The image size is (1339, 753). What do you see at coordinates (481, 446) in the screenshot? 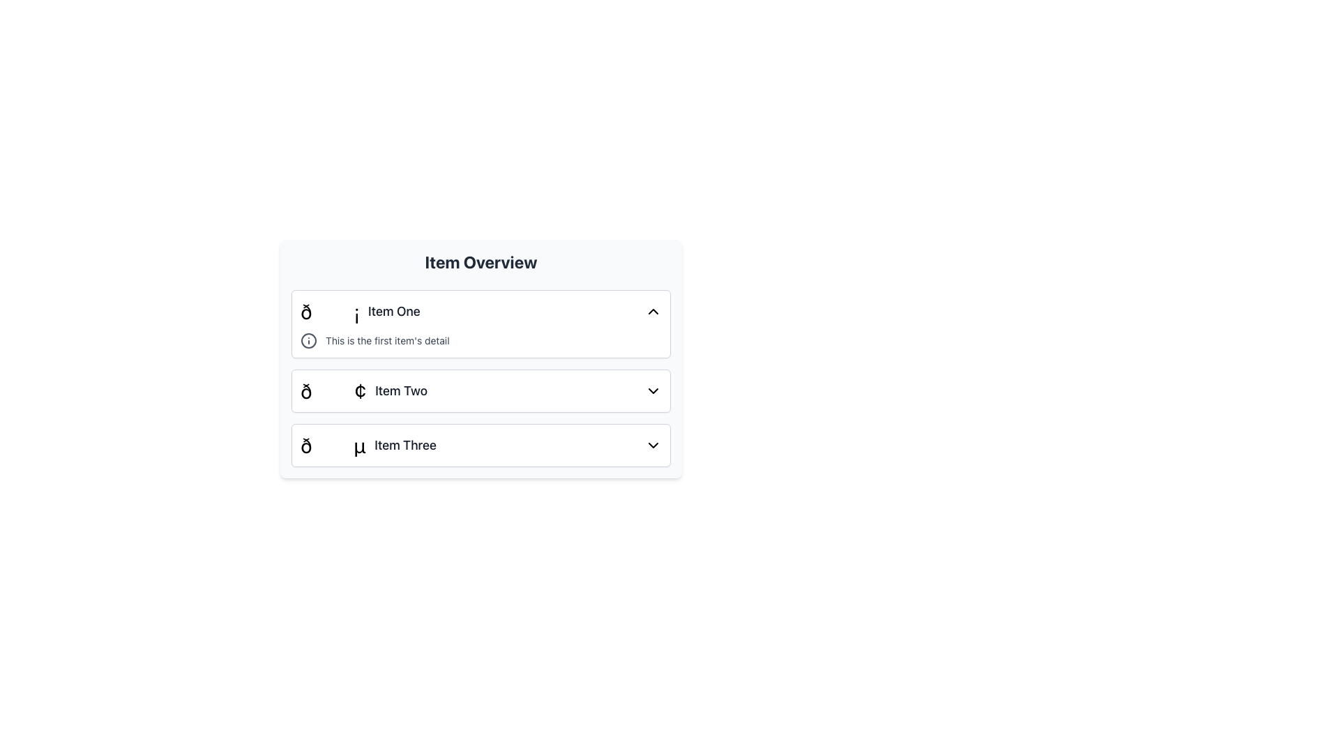
I see `the third item in the vertically stacked list, which is positioned below 'Item Two'` at bounding box center [481, 446].